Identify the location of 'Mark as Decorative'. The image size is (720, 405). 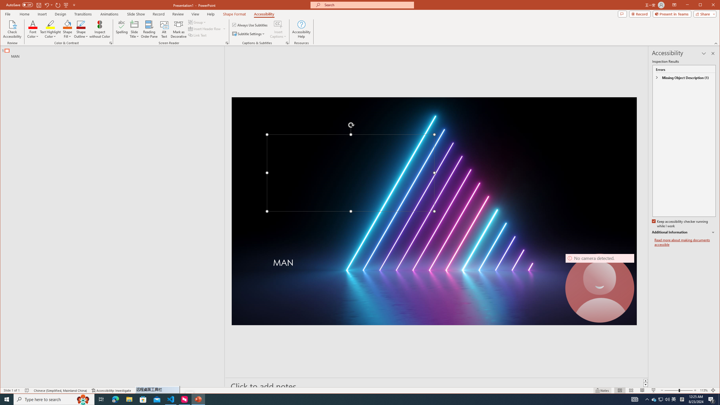
(178, 29).